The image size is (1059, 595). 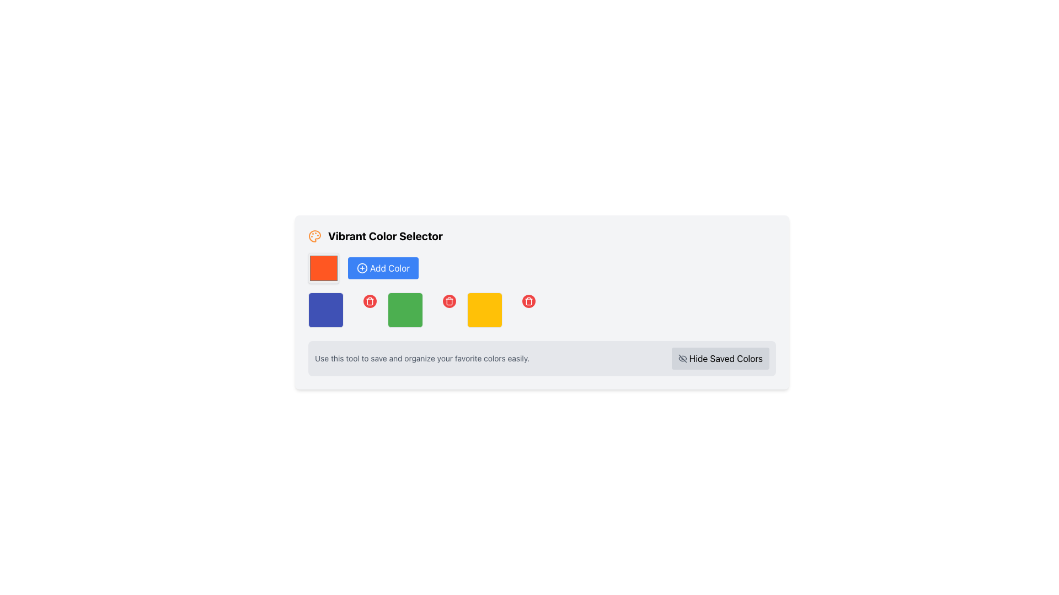 I want to click on the 'eye-off' icon element located in the top-right corner of the interface, which is used for toggling visibility or indicating a hidden state, so click(x=682, y=359).